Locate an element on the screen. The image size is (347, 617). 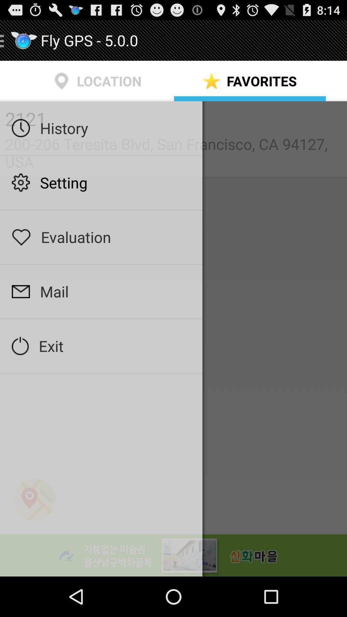
the location icon is located at coordinates (34, 535).